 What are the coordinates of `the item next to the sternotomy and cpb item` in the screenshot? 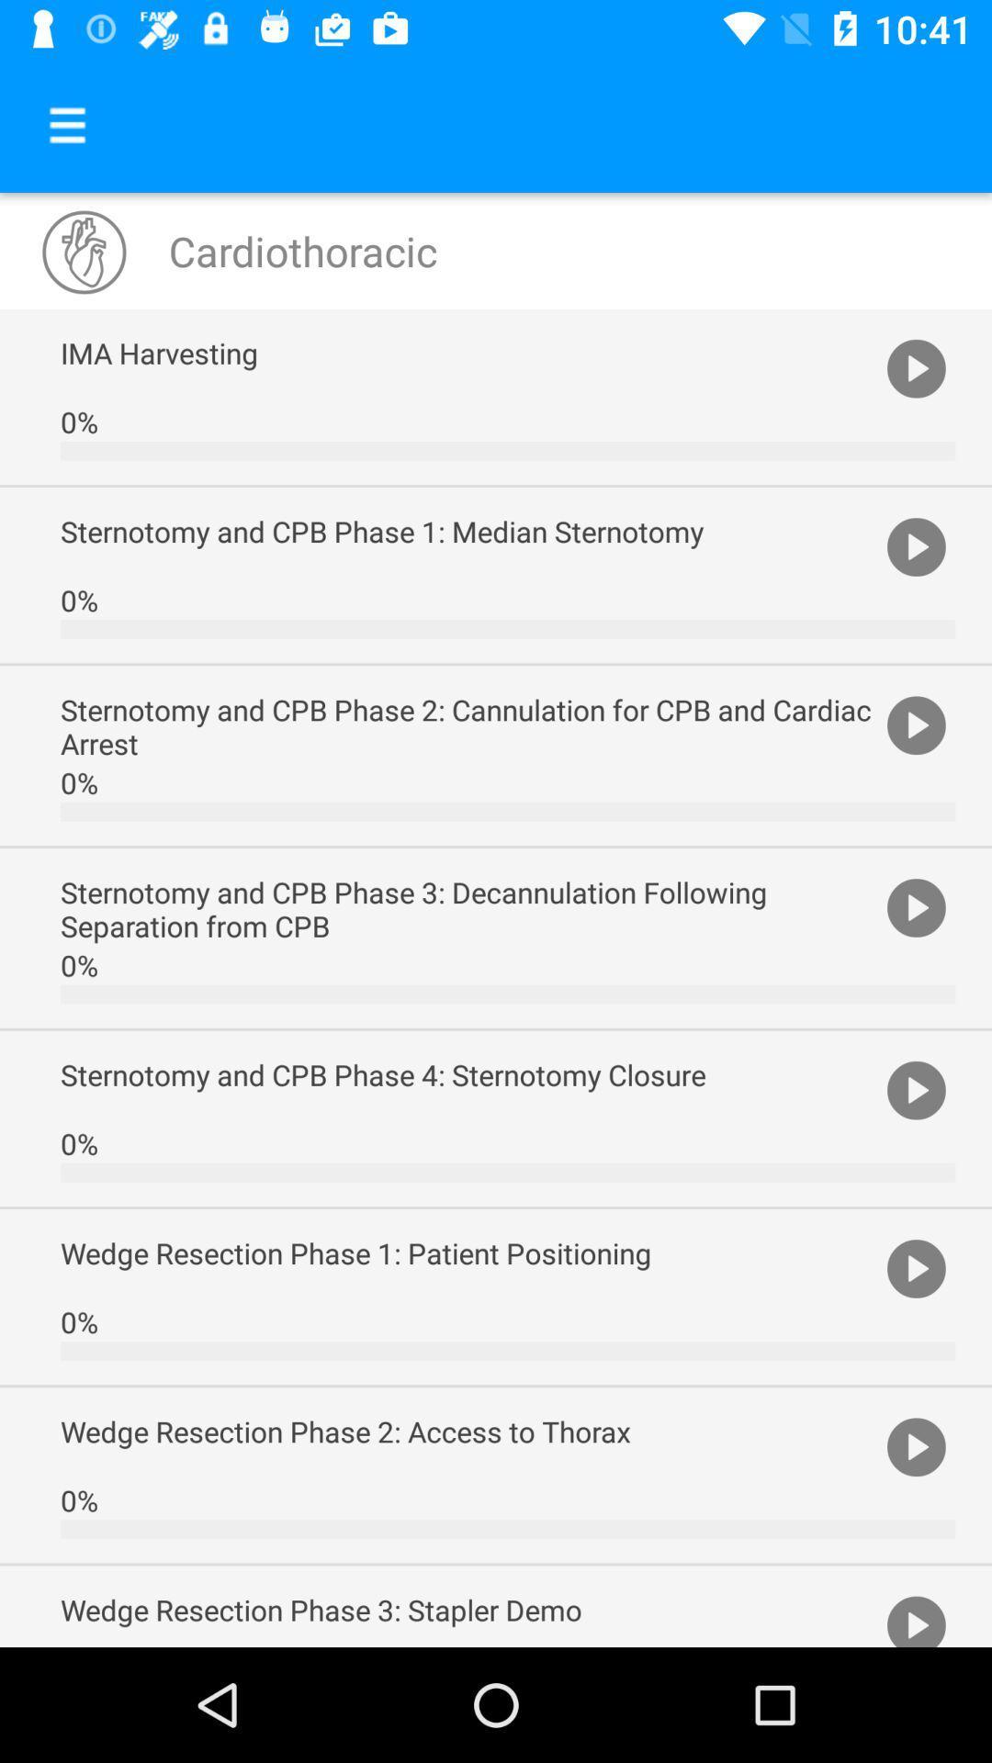 It's located at (916, 906).